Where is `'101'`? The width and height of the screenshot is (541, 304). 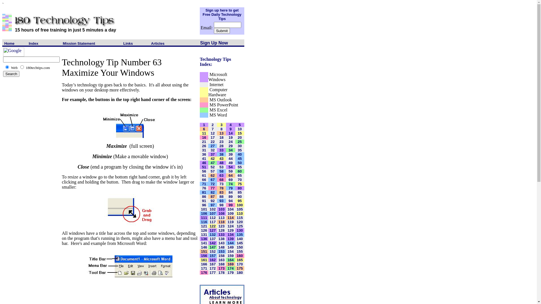
'101' is located at coordinates (204, 209).